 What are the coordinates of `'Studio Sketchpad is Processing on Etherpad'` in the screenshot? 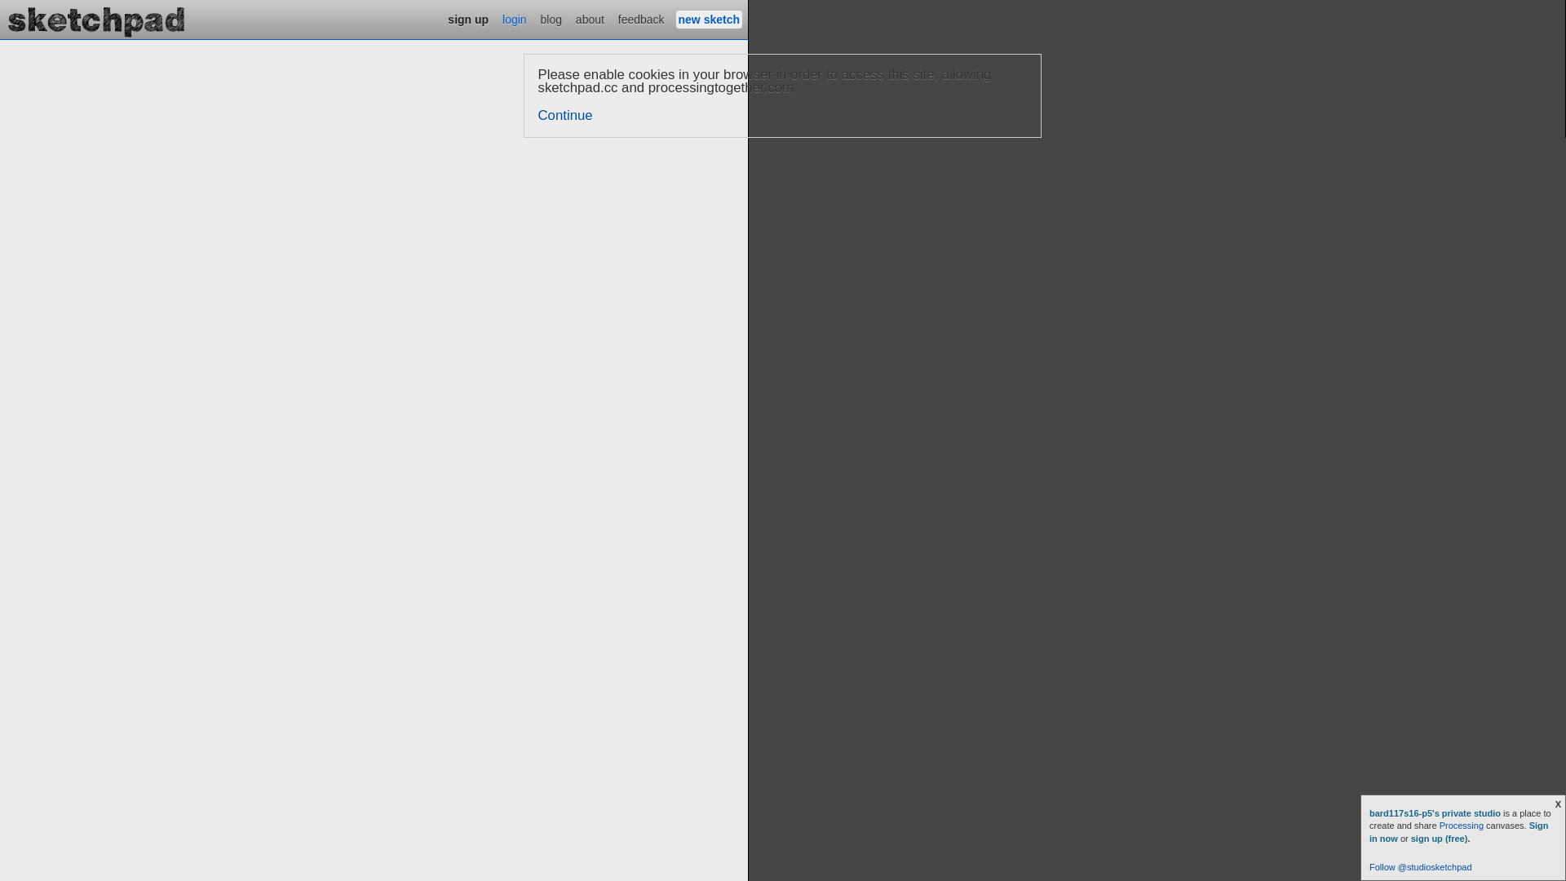 It's located at (96, 19).